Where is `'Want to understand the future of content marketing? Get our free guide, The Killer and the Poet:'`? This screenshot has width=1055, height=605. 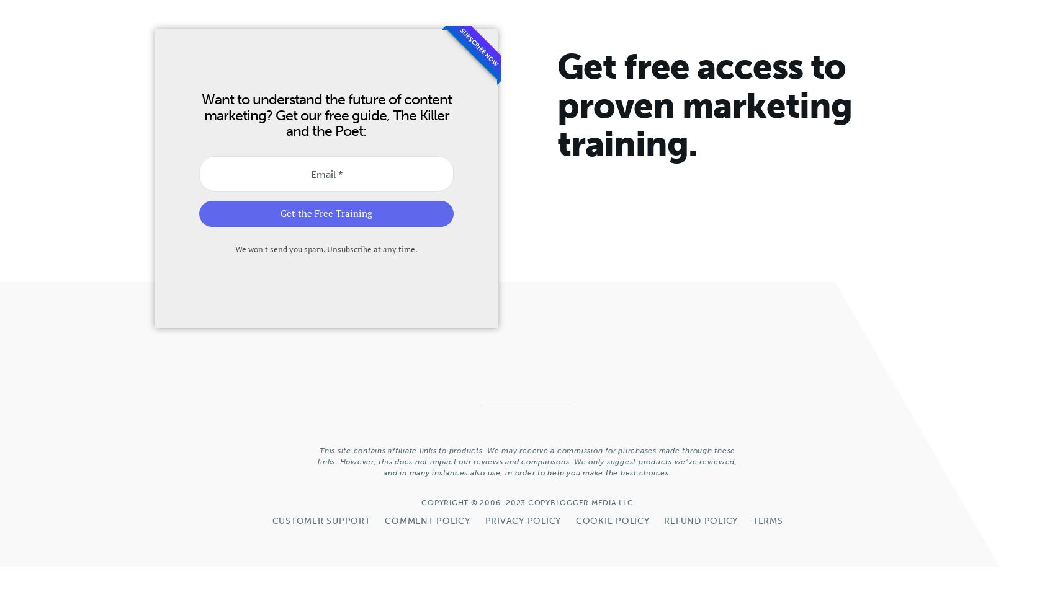
'Want to understand the future of content marketing? Get our free guide, The Killer and the Poet:' is located at coordinates (326, 113).